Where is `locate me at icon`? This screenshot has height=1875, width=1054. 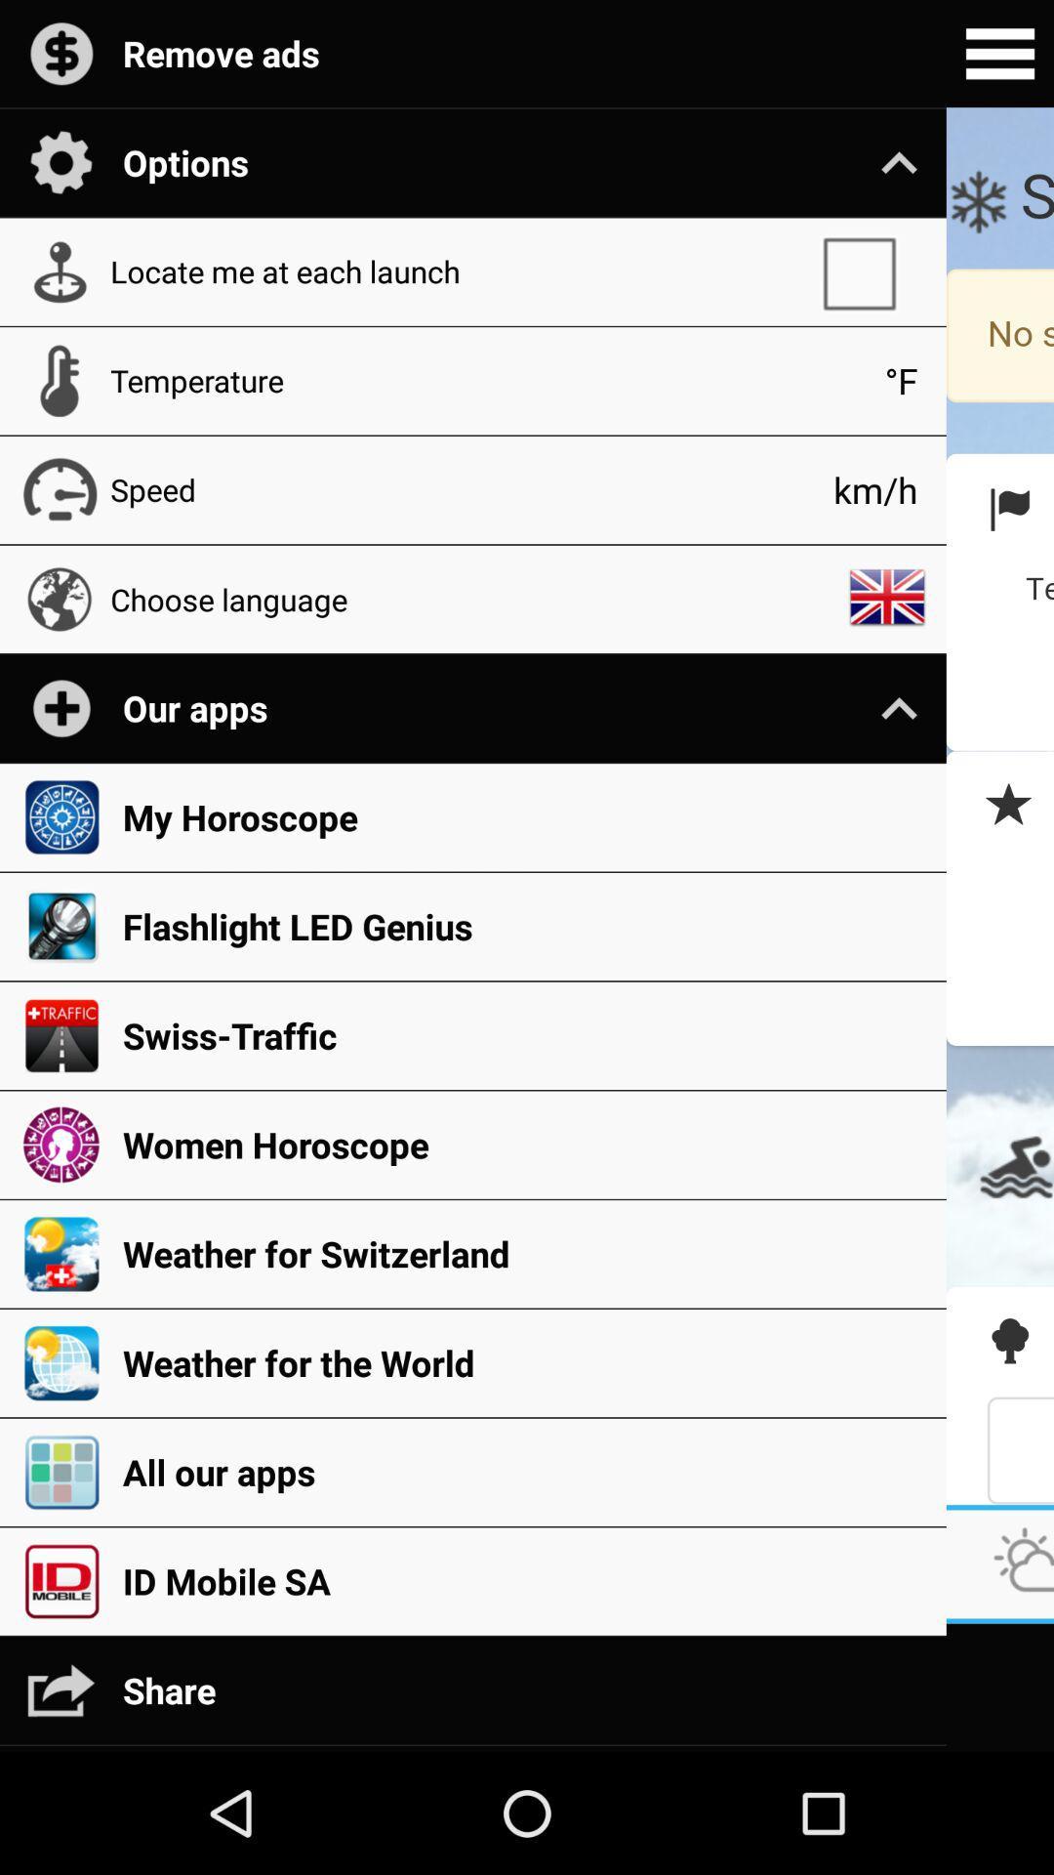 locate me at icon is located at coordinates (455, 271).